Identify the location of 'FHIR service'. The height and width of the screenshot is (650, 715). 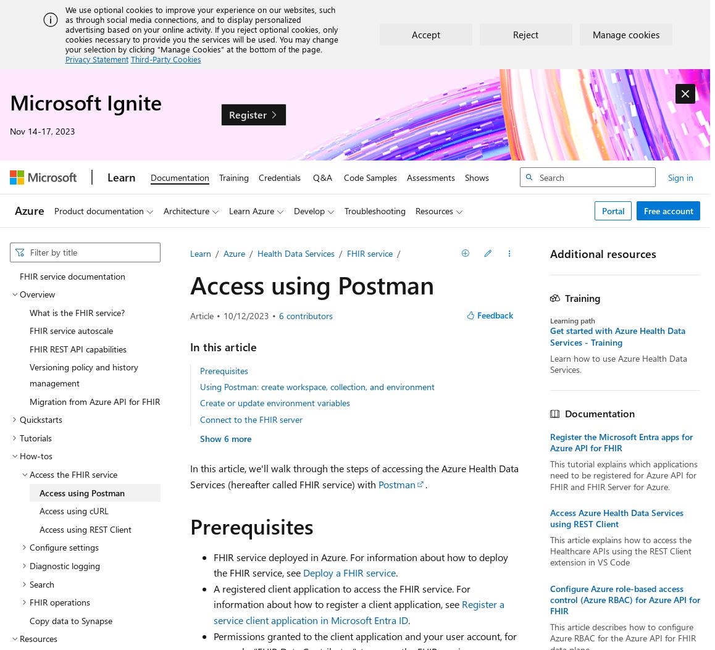
(368, 253).